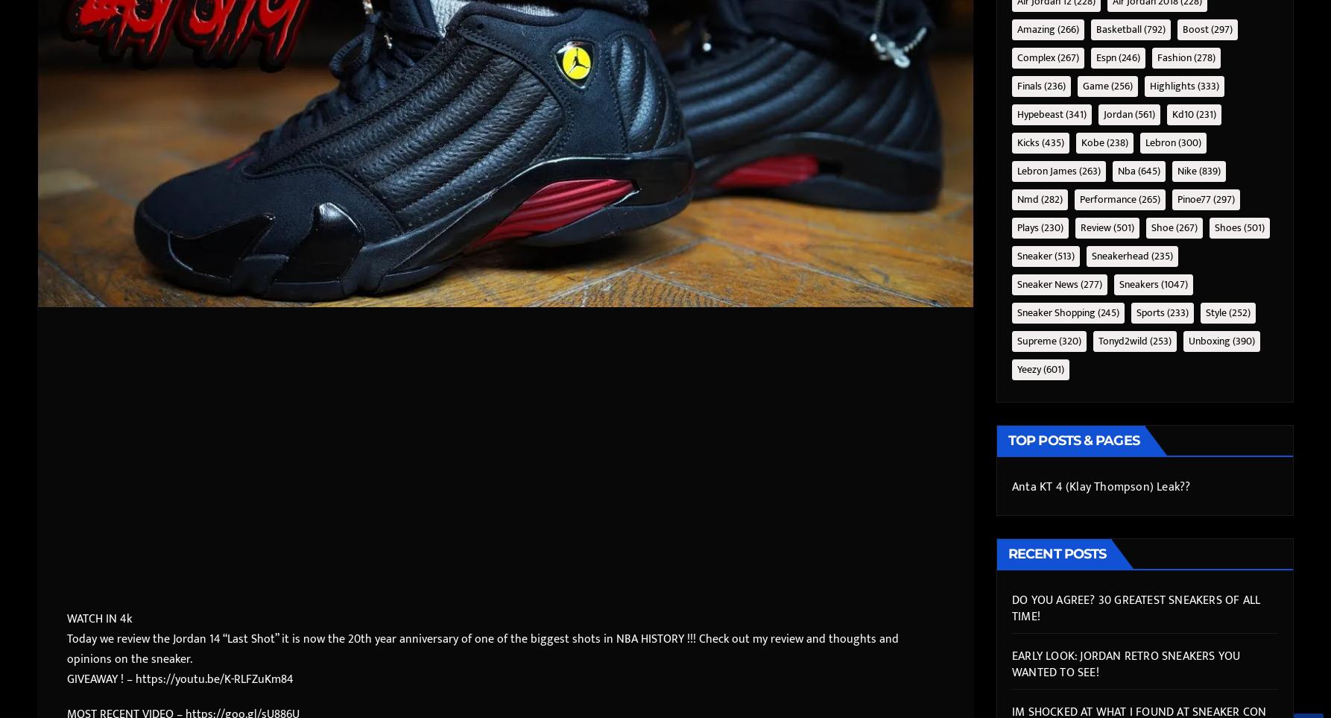 The height and width of the screenshot is (718, 1331). Describe the element at coordinates (1074, 113) in the screenshot. I see `'(341)'` at that location.